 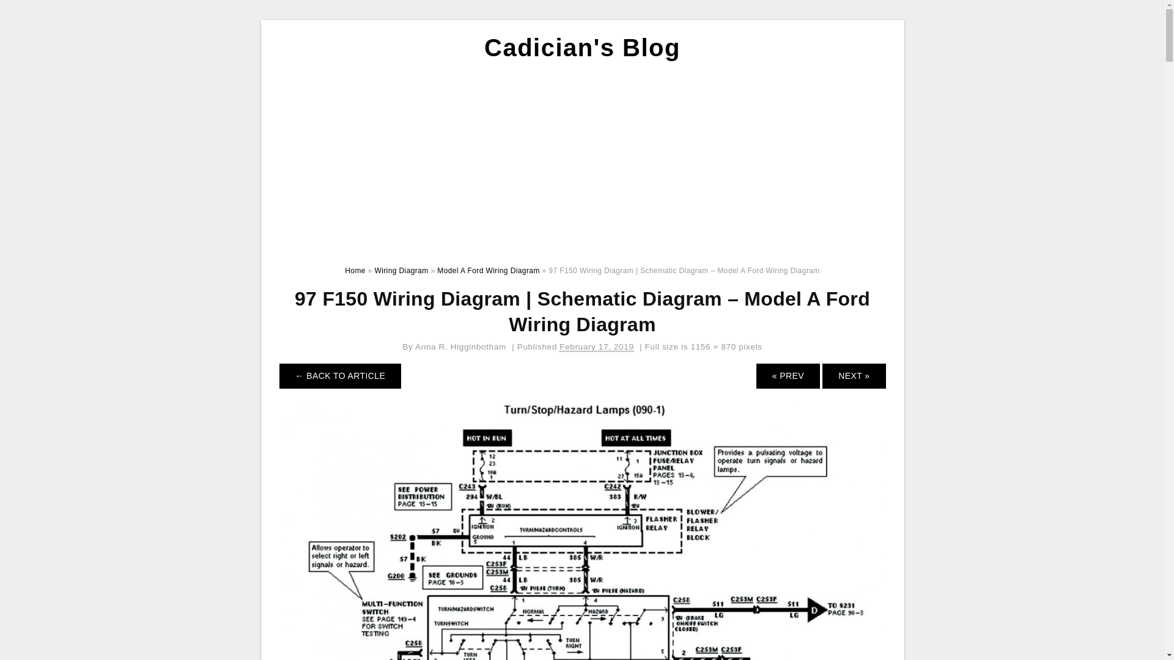 What do you see at coordinates (487, 270) in the screenshot?
I see `'Model A Ford Wiring Diagram'` at bounding box center [487, 270].